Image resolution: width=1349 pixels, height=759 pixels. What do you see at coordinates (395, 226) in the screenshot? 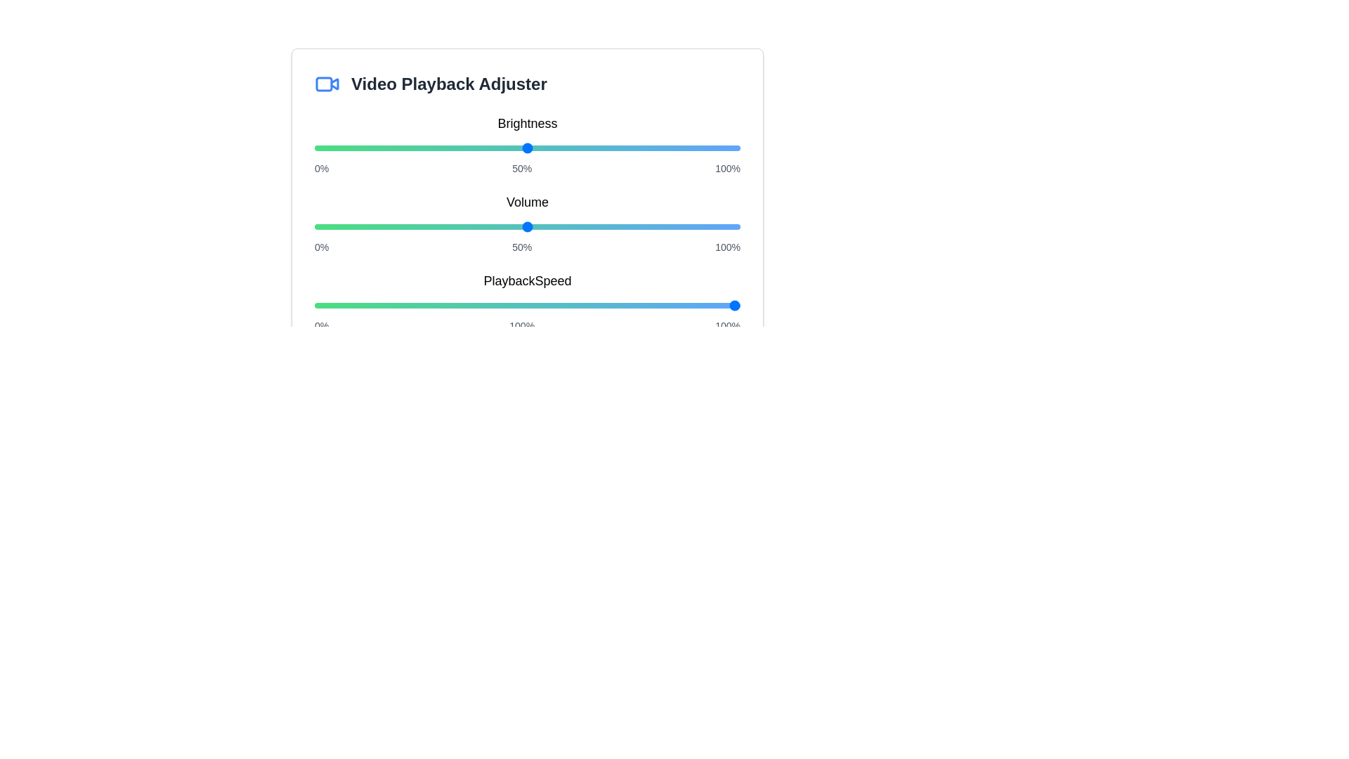
I see `the volume slider to set the volume to 19%` at bounding box center [395, 226].